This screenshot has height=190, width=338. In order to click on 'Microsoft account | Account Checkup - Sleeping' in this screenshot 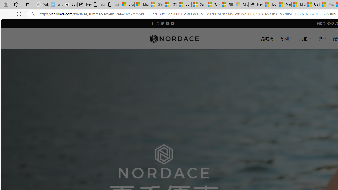, I will do `click(241, 4)`.